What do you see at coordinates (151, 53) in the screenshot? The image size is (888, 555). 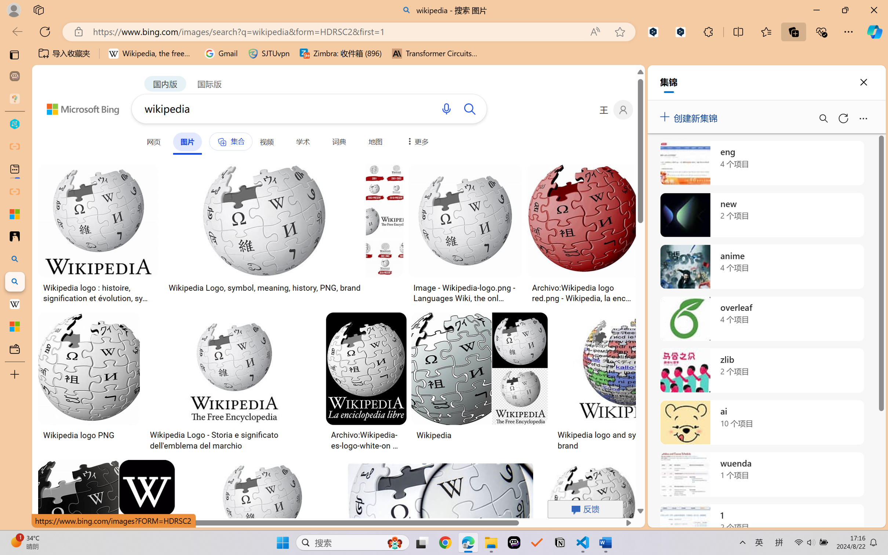 I see `'Wikipedia, the free encyclopedia'` at bounding box center [151, 53].